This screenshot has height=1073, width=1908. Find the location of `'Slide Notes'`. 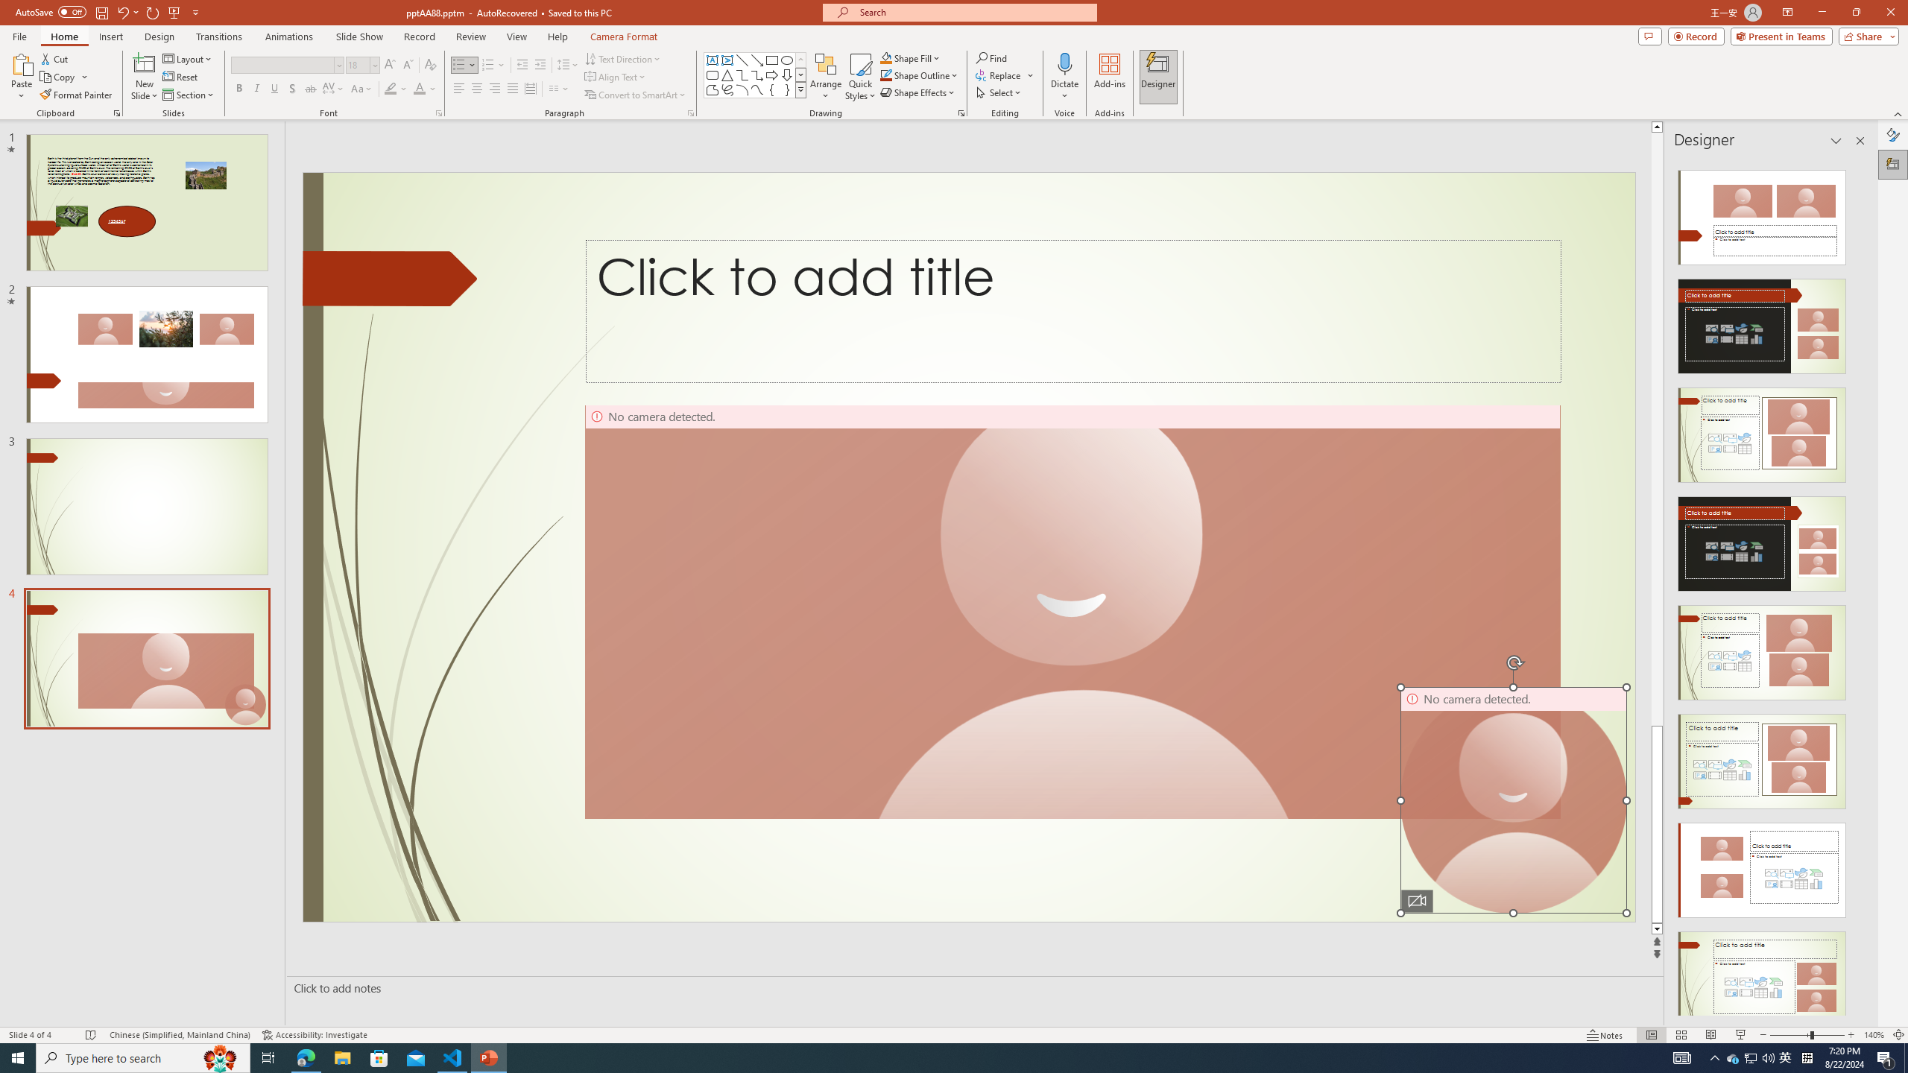

'Slide Notes' is located at coordinates (972, 987).